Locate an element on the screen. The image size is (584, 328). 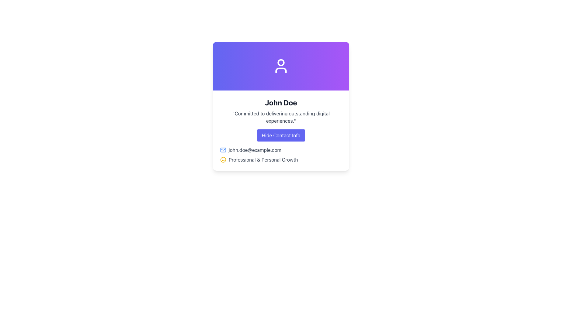
the toggle visibility button located centrally within the card element below 'John Doe' is located at coordinates (280, 135).